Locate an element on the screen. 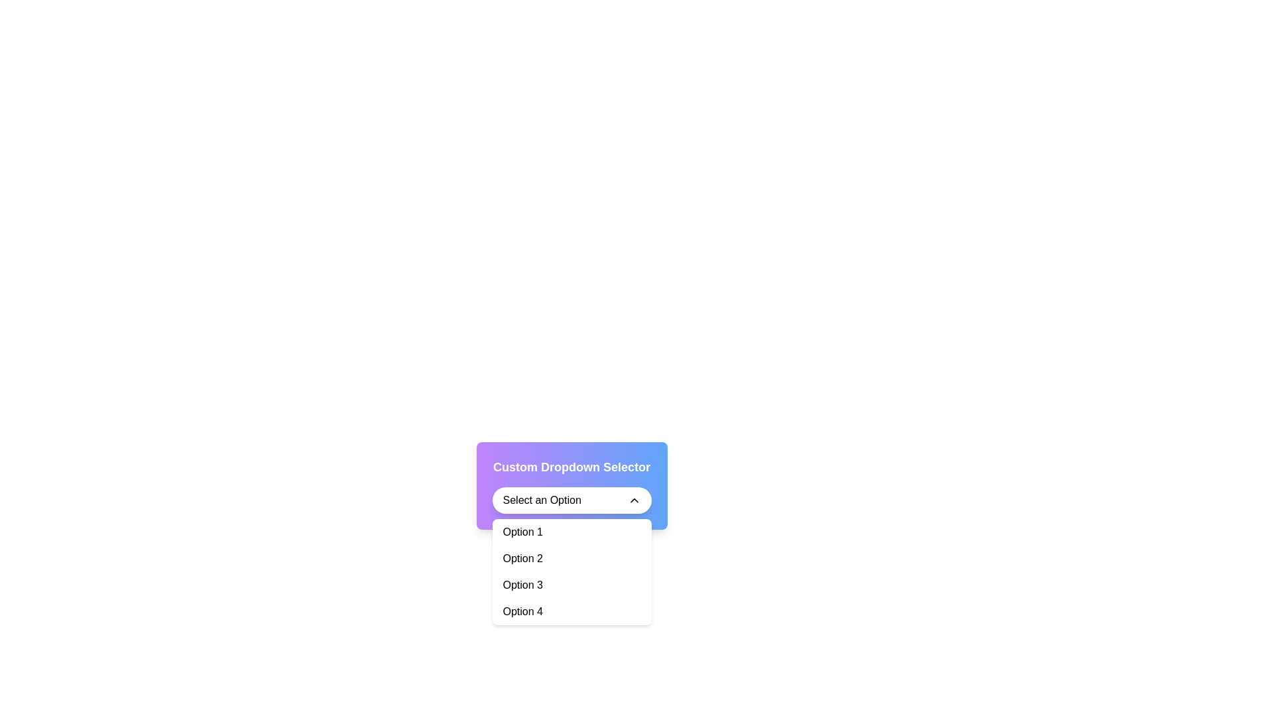  the first option 'Option 1' in the dropdown menu is located at coordinates (572, 531).